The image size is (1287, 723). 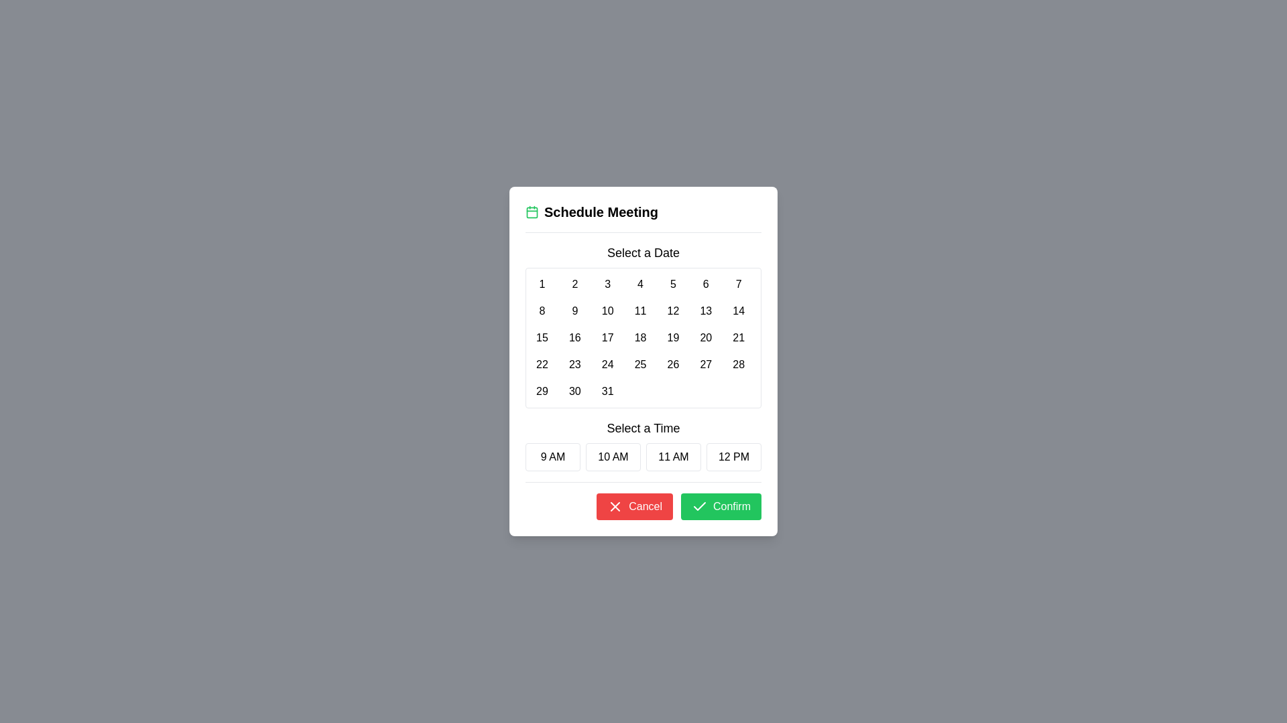 What do you see at coordinates (542, 283) in the screenshot?
I see `the button in the calendar grid that allows users` at bounding box center [542, 283].